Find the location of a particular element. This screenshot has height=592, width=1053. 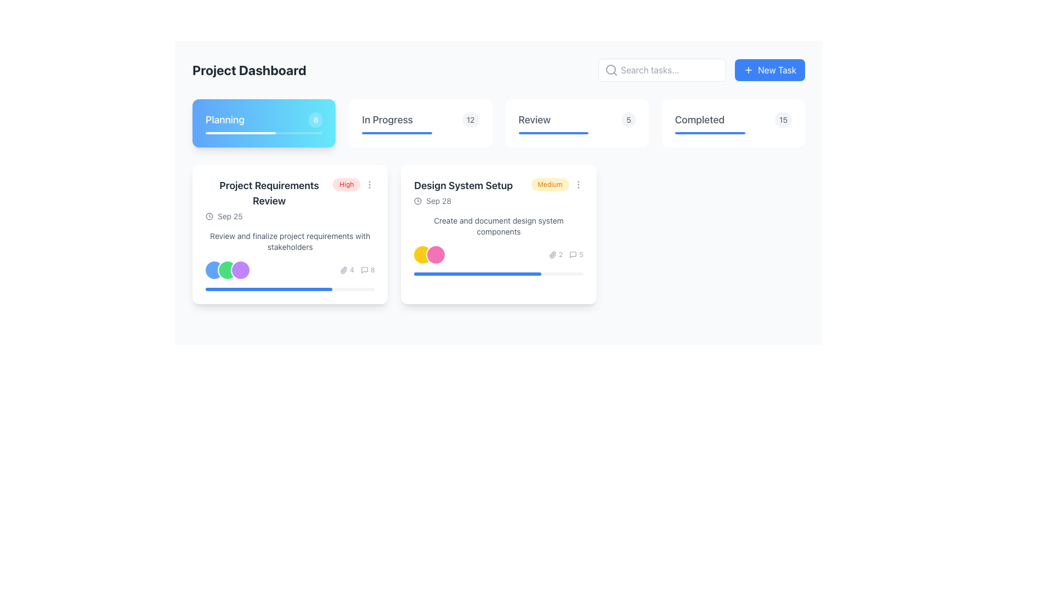

number displayed on the badge component showing '12', which is located to the right of the 'In Progress' label in the task categories section is located at coordinates (471, 120).